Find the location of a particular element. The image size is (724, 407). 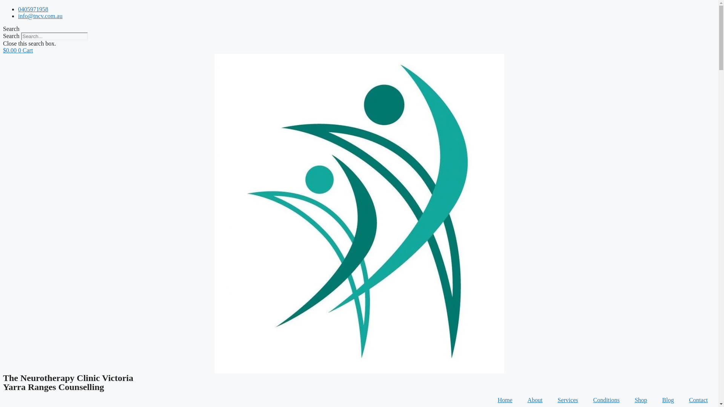

'$0.00 0 Cart' is located at coordinates (3, 50).